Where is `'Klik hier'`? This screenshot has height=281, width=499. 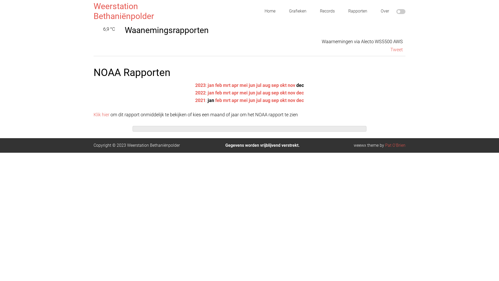
'Klik hier' is located at coordinates (101, 114).